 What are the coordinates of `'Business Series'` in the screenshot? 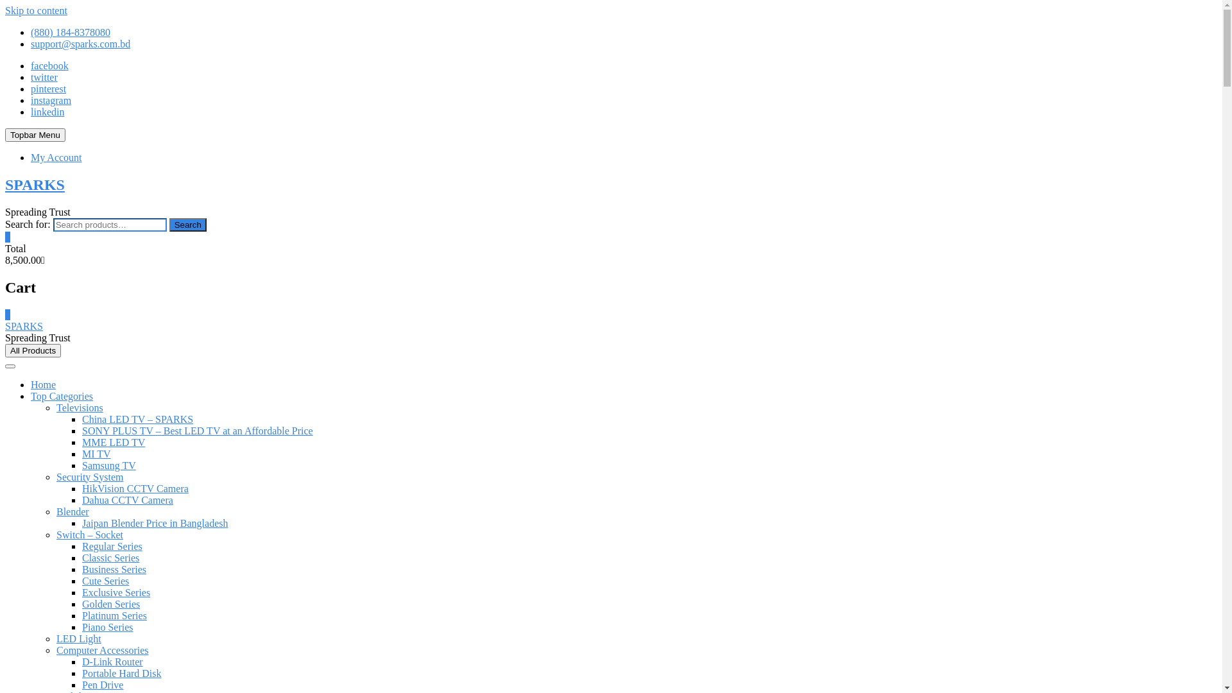 It's located at (114, 569).